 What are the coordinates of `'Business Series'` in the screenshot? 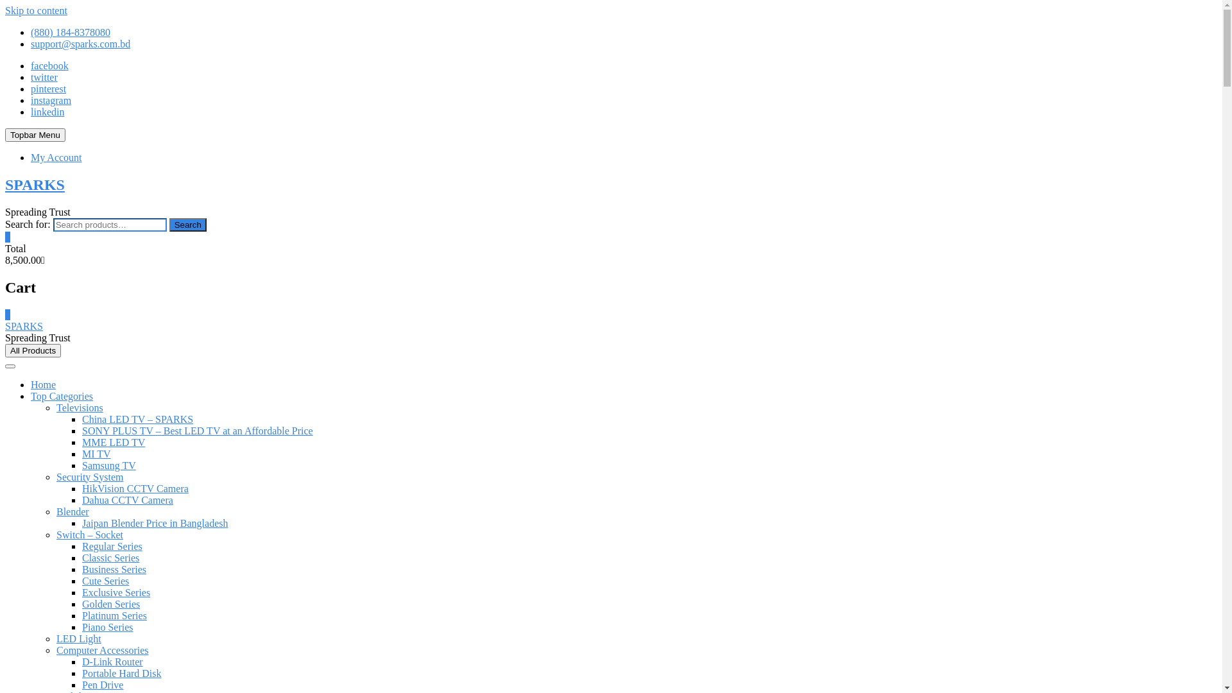 It's located at (114, 569).